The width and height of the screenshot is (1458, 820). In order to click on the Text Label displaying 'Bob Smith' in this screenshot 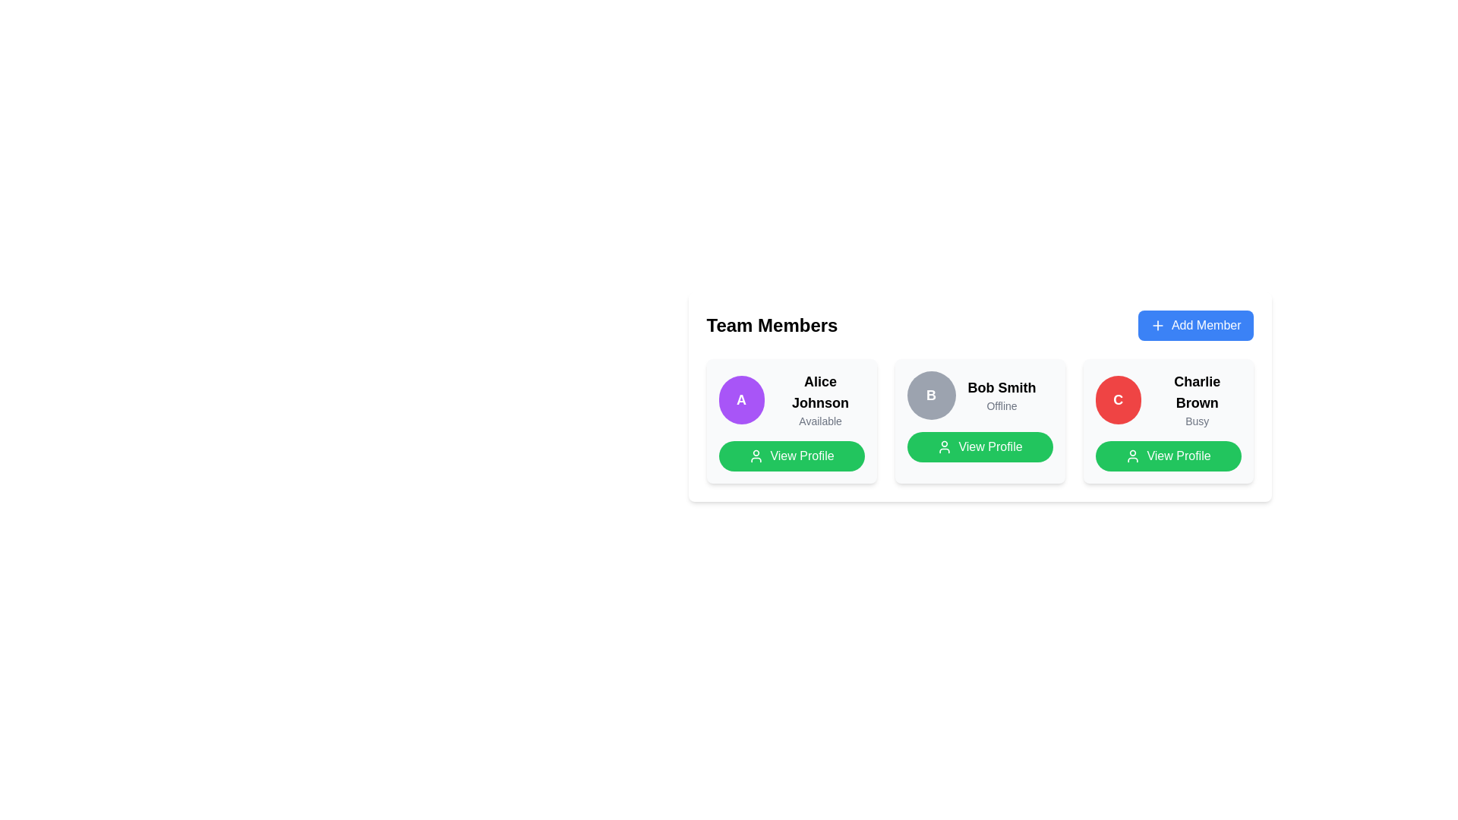, I will do `click(1002, 386)`.